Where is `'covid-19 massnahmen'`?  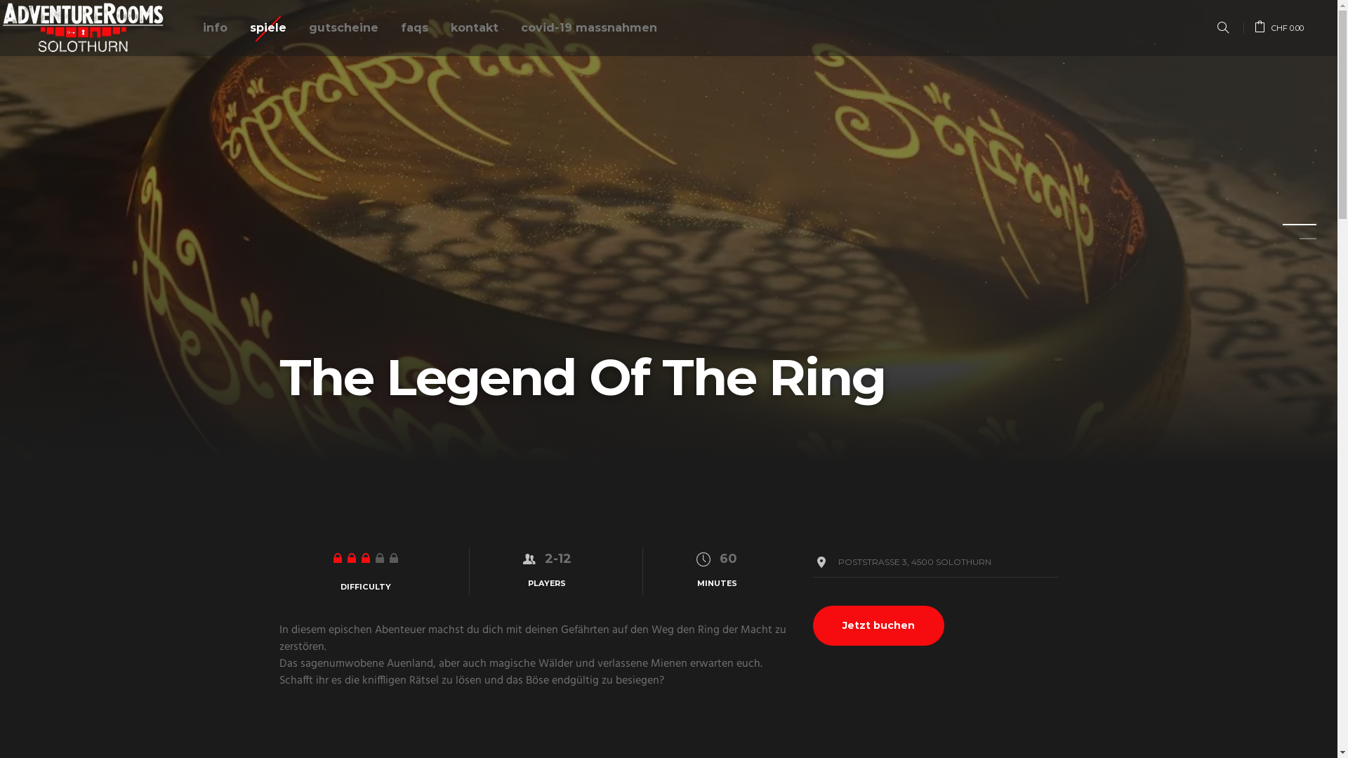
'covid-19 massnahmen' is located at coordinates (589, 27).